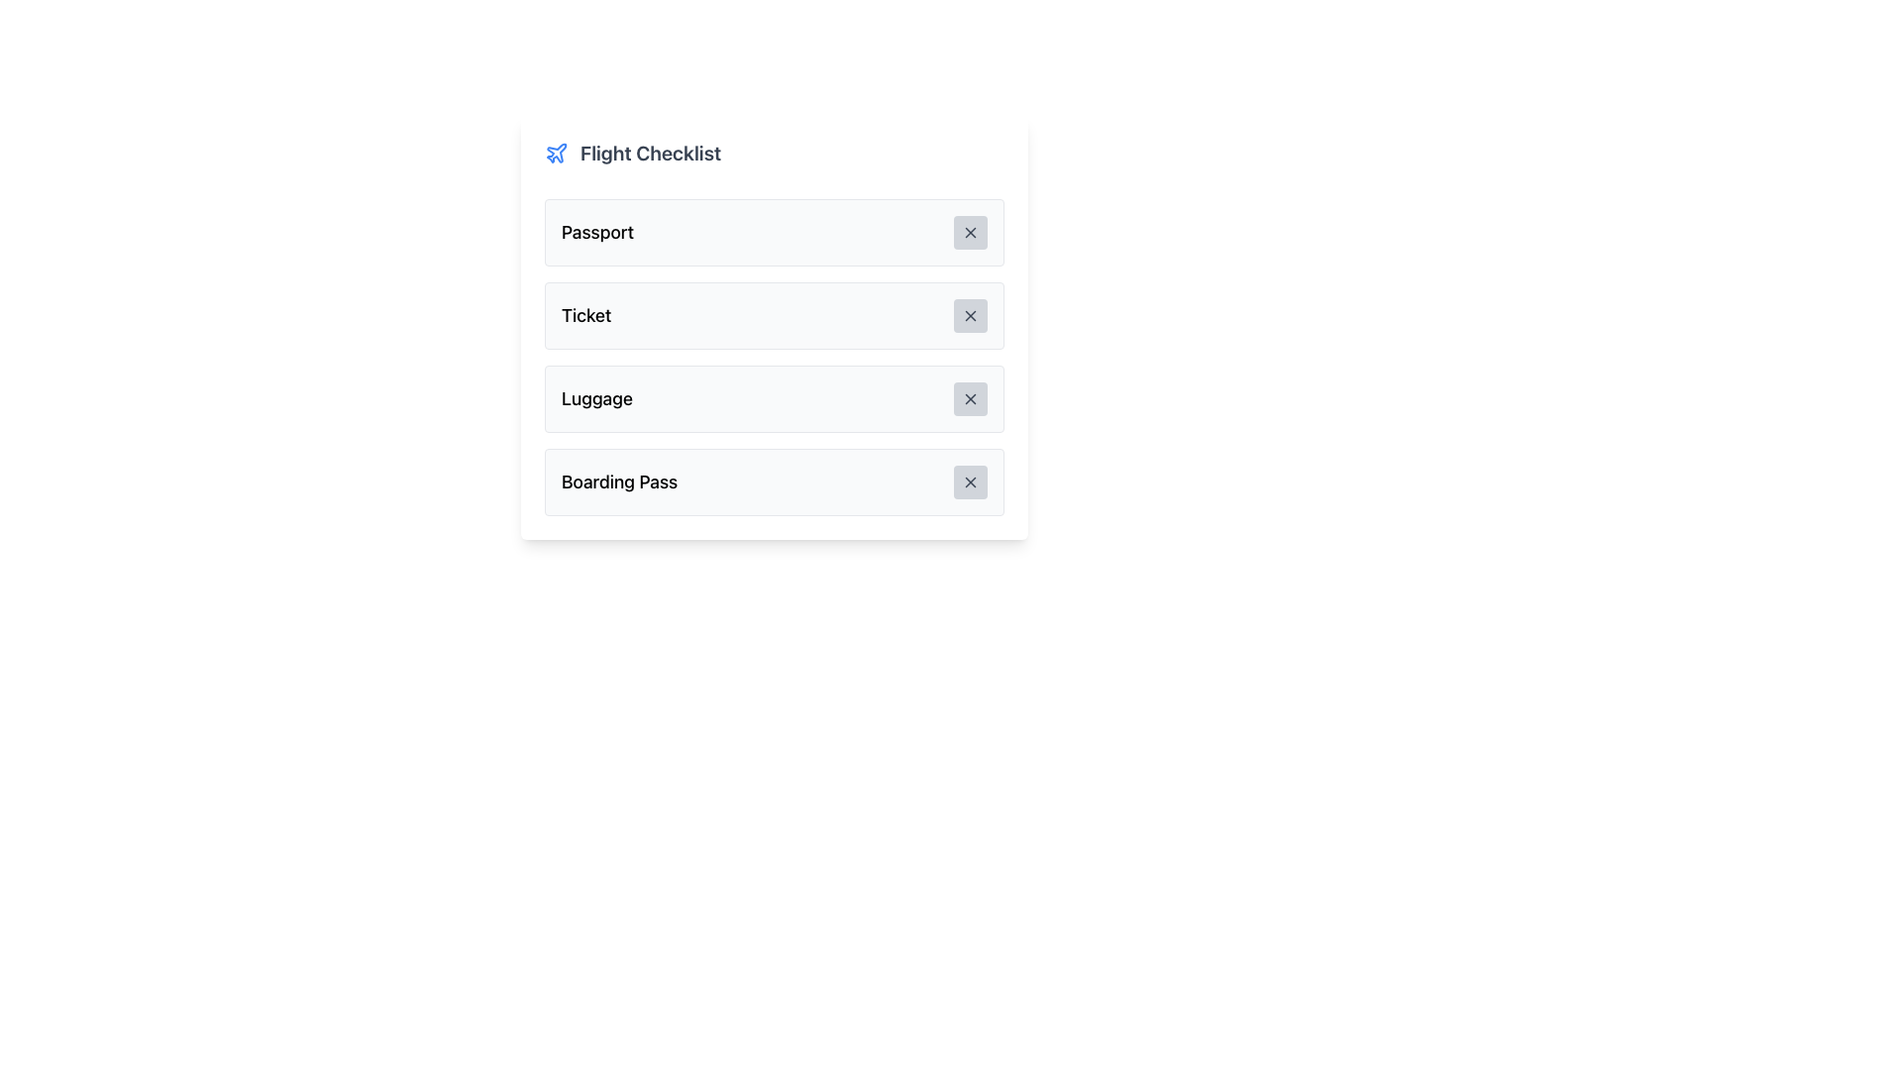  I want to click on the close button located in the top-right corner of the 'Boarding Pass' item, so click(970, 481).